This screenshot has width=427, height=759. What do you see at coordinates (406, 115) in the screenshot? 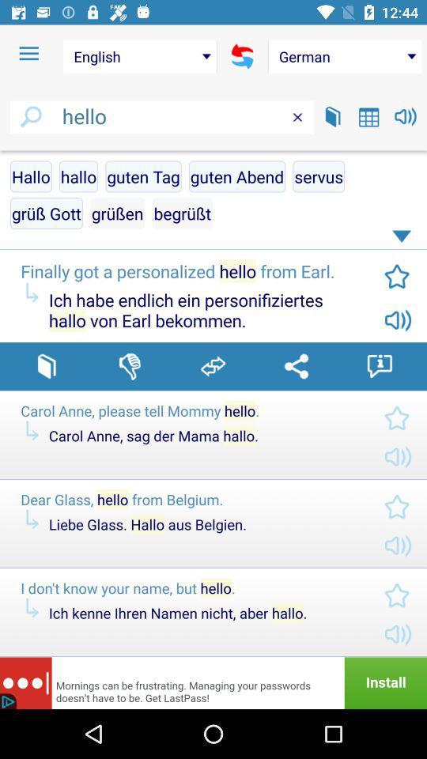
I see `tecla de volume` at bounding box center [406, 115].